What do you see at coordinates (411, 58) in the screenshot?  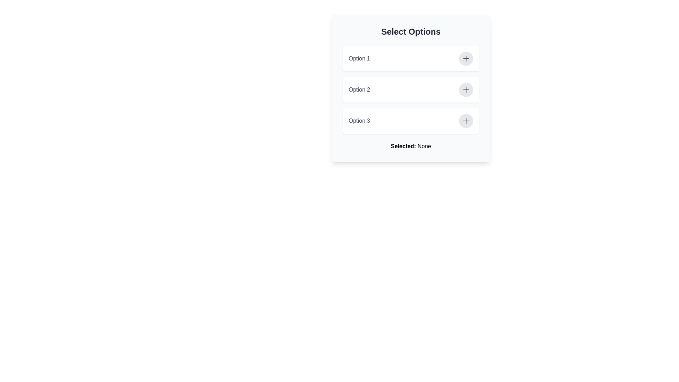 I see `the Option selector with button interaction that displays 'Option 1' and contains a '+' button on the right` at bounding box center [411, 58].